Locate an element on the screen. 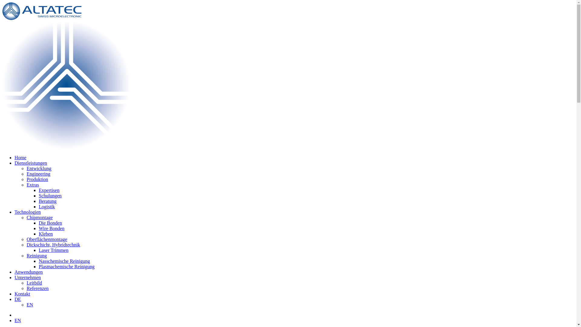 This screenshot has height=327, width=581. 'Nasschemische Reinigung' is located at coordinates (38, 261).